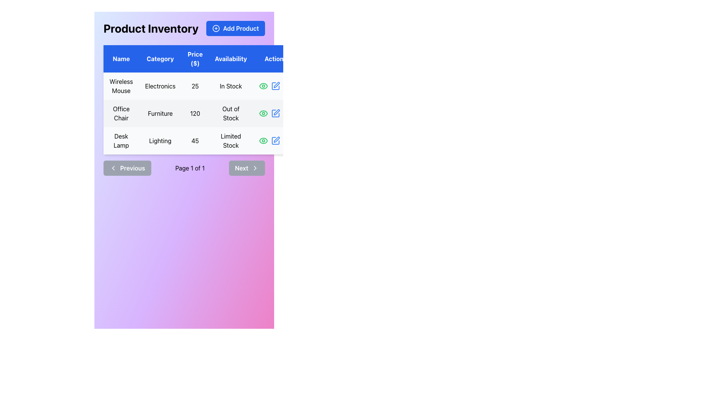 This screenshot has width=728, height=410. What do you see at coordinates (113, 168) in the screenshot?
I see `the chevron icon located in the 'Previous' button at the bottom-left corner of the interface` at bounding box center [113, 168].